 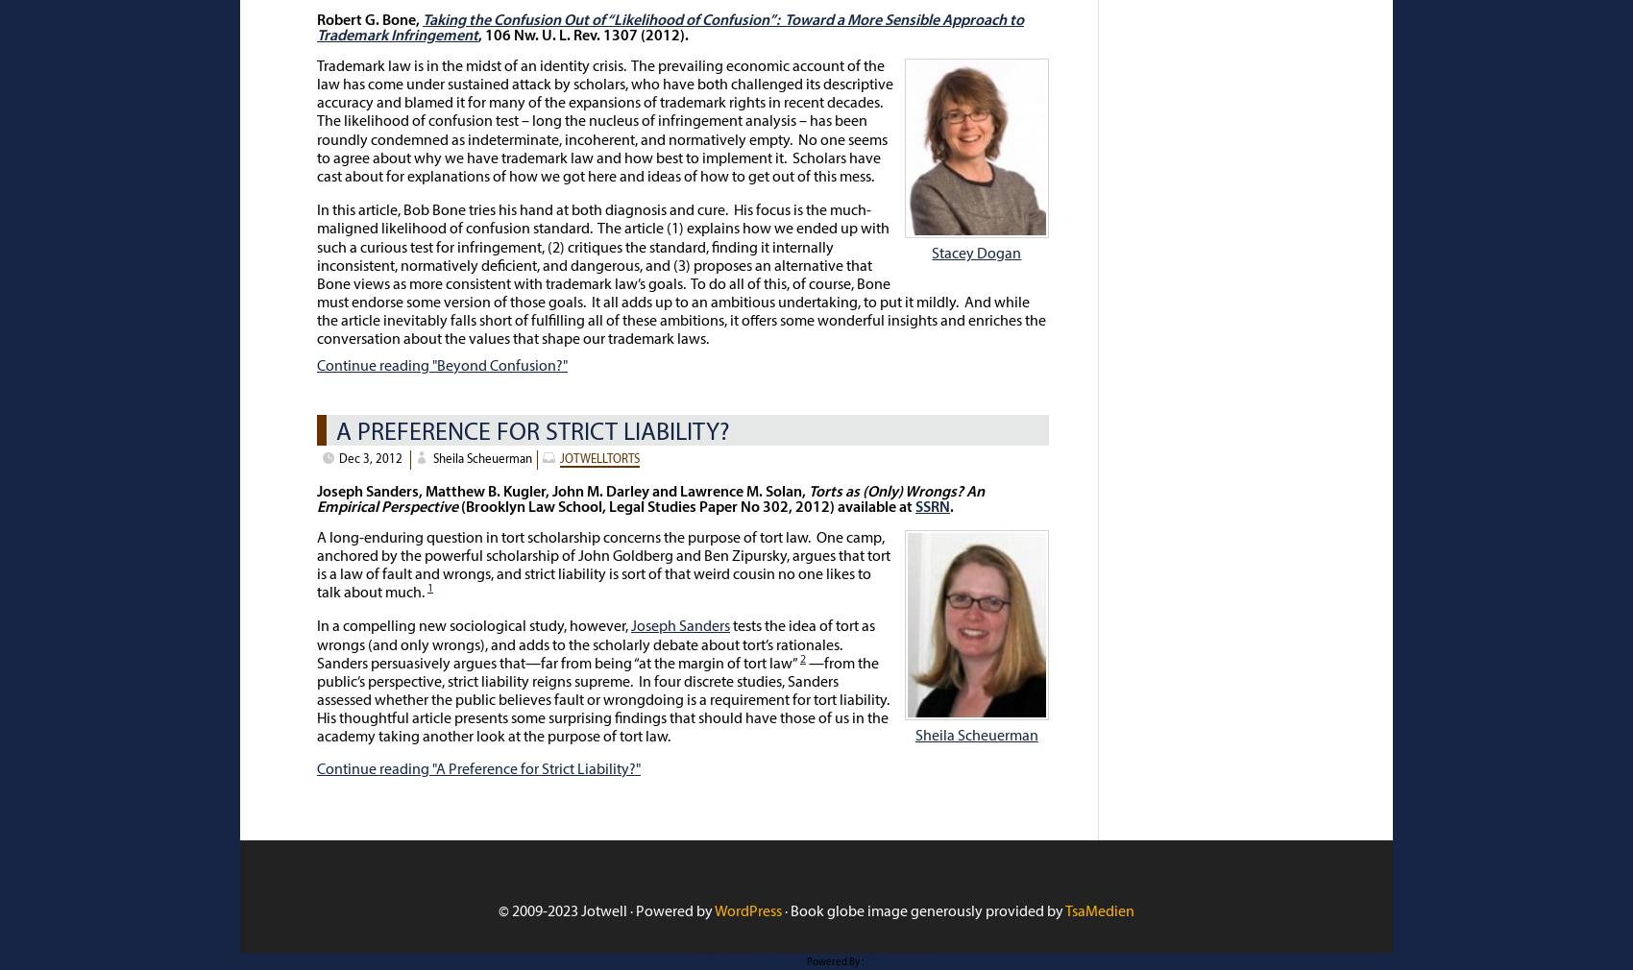 What do you see at coordinates (474, 625) in the screenshot?
I see `'In a compelling new sociological study, however,'` at bounding box center [474, 625].